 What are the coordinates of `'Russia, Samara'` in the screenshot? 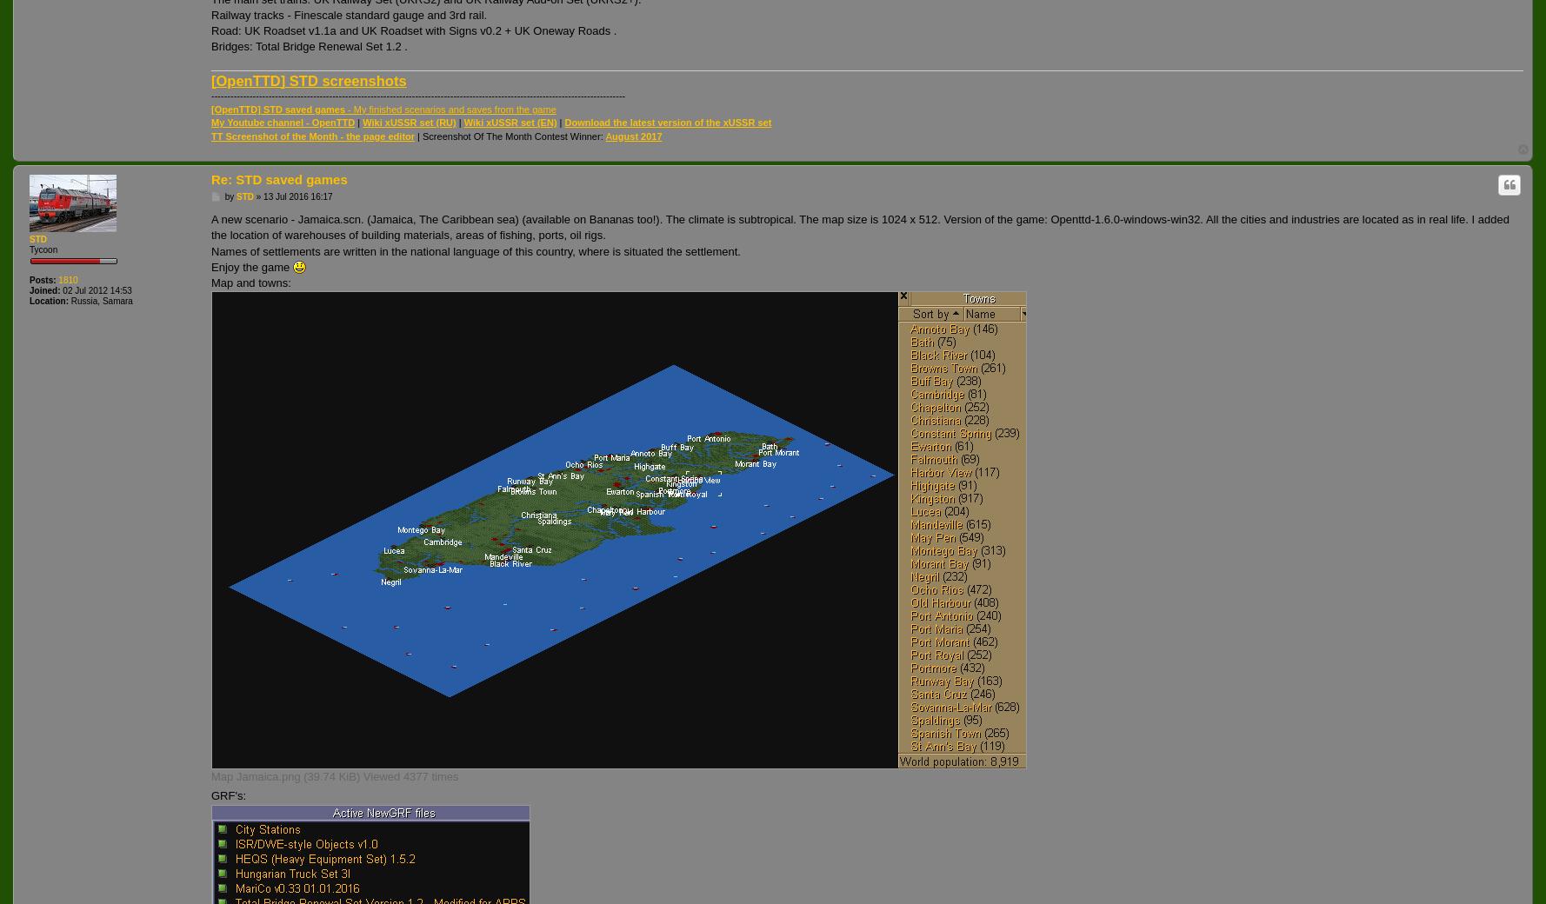 It's located at (99, 300).